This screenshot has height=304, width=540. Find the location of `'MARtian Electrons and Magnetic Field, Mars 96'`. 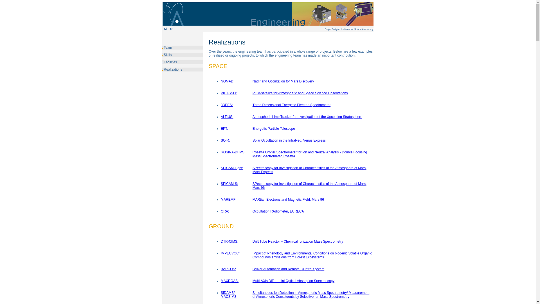

'MARtian Electrons and Magnetic Field, Mars 96' is located at coordinates (288, 199).